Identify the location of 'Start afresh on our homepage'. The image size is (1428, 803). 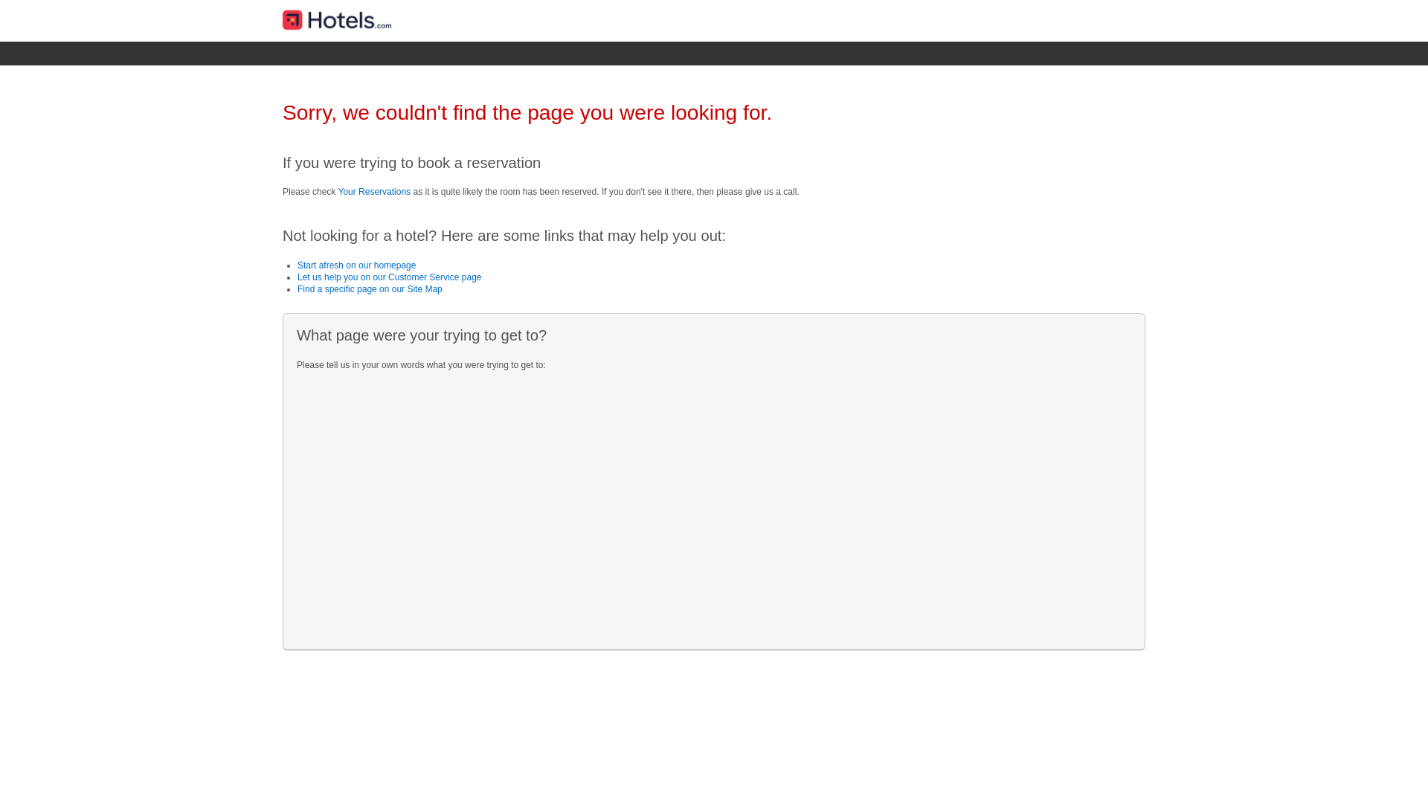
(356, 265).